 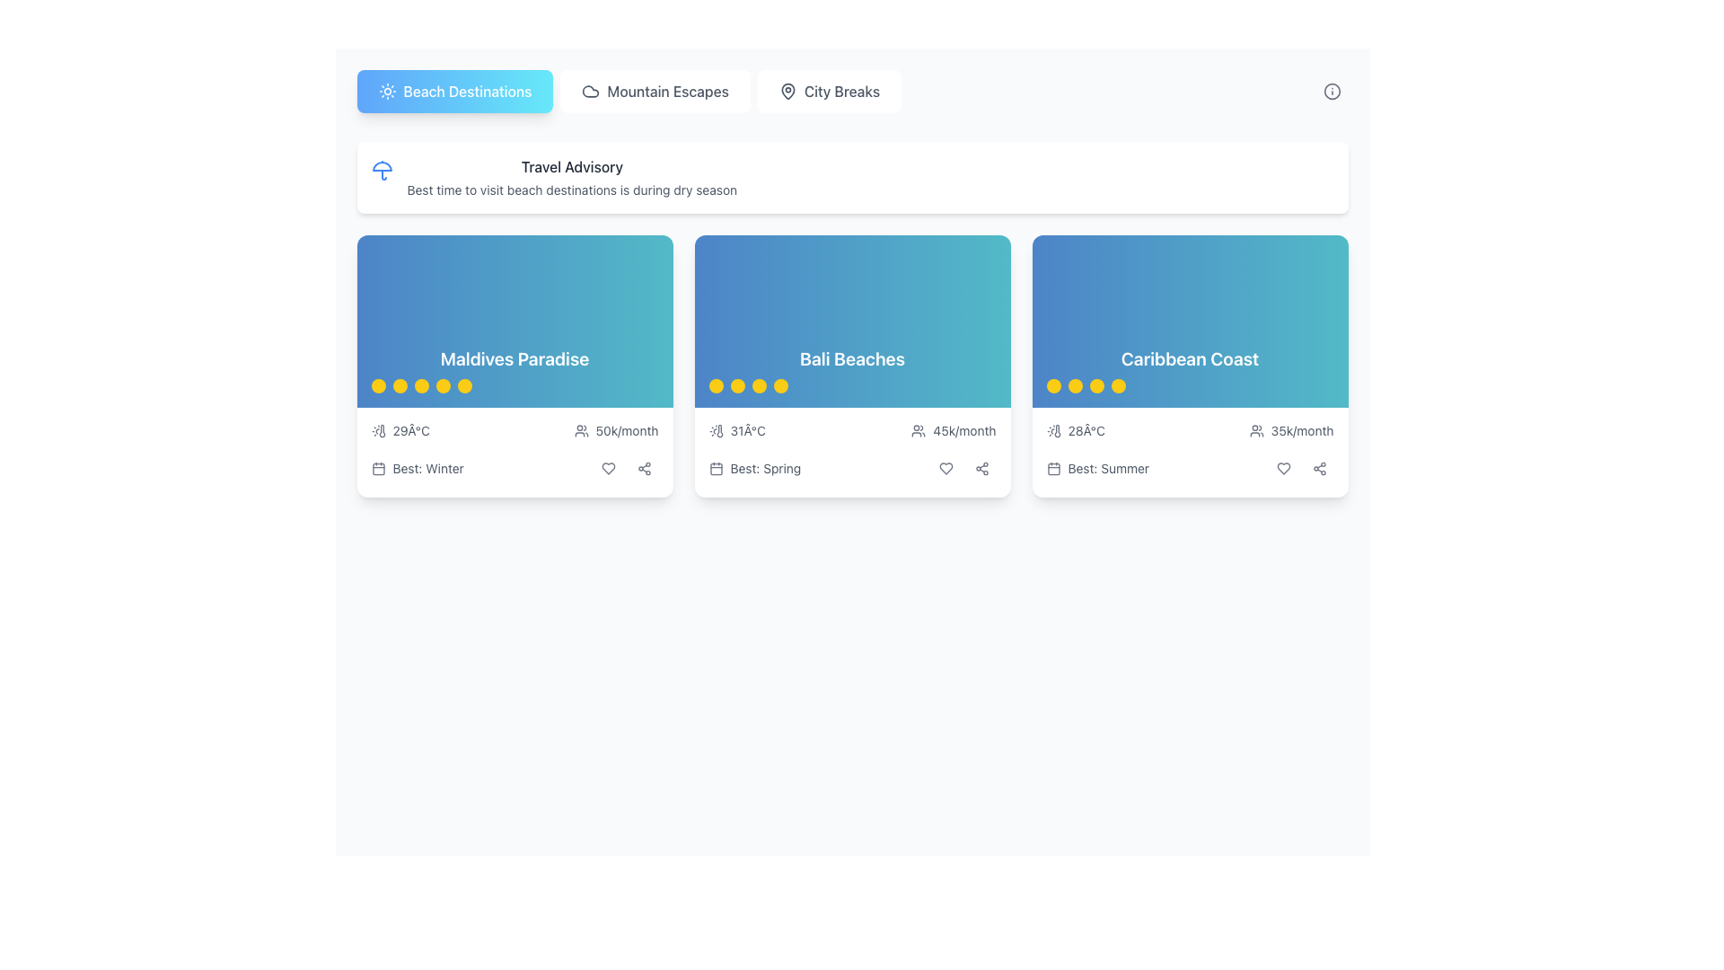 I want to click on the 'Mountain Escapes' button in the navigation bar, so click(x=655, y=91).